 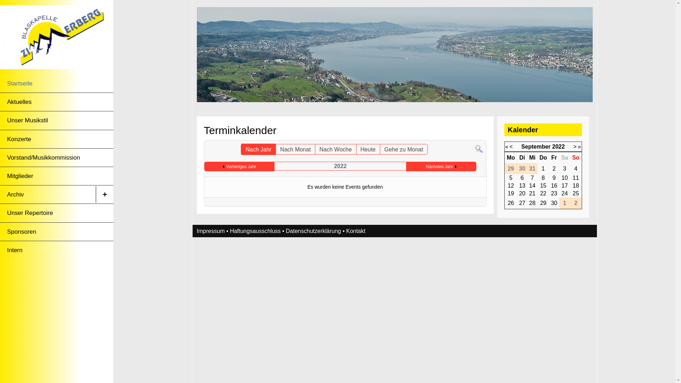 What do you see at coordinates (47, 102) in the screenshot?
I see `'Aktuelles'` at bounding box center [47, 102].